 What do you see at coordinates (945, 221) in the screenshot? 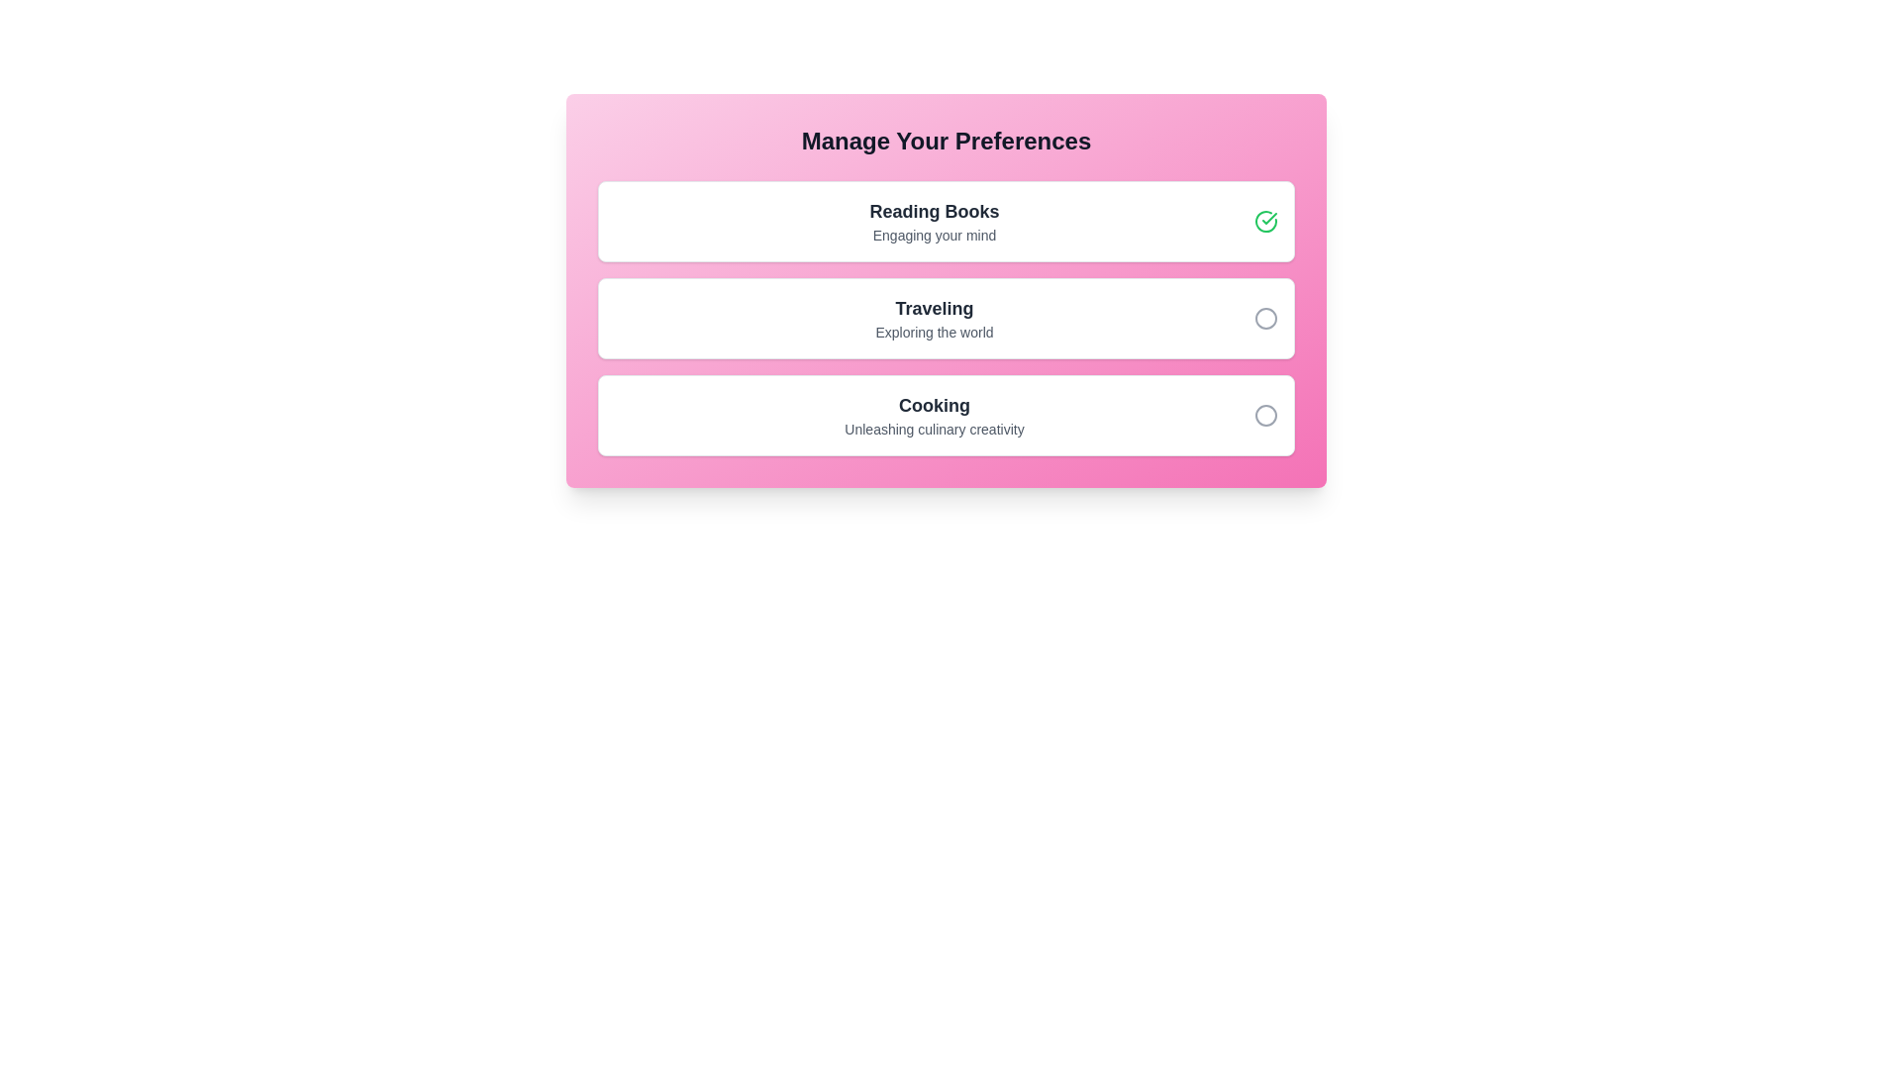
I see `the preference item Reading Books` at bounding box center [945, 221].